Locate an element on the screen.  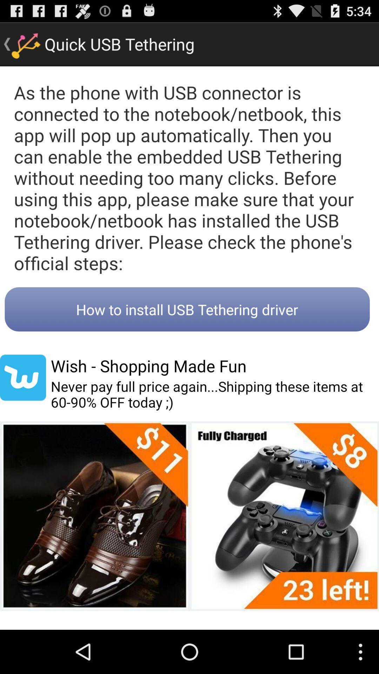
the twitter icon is located at coordinates (22, 404).